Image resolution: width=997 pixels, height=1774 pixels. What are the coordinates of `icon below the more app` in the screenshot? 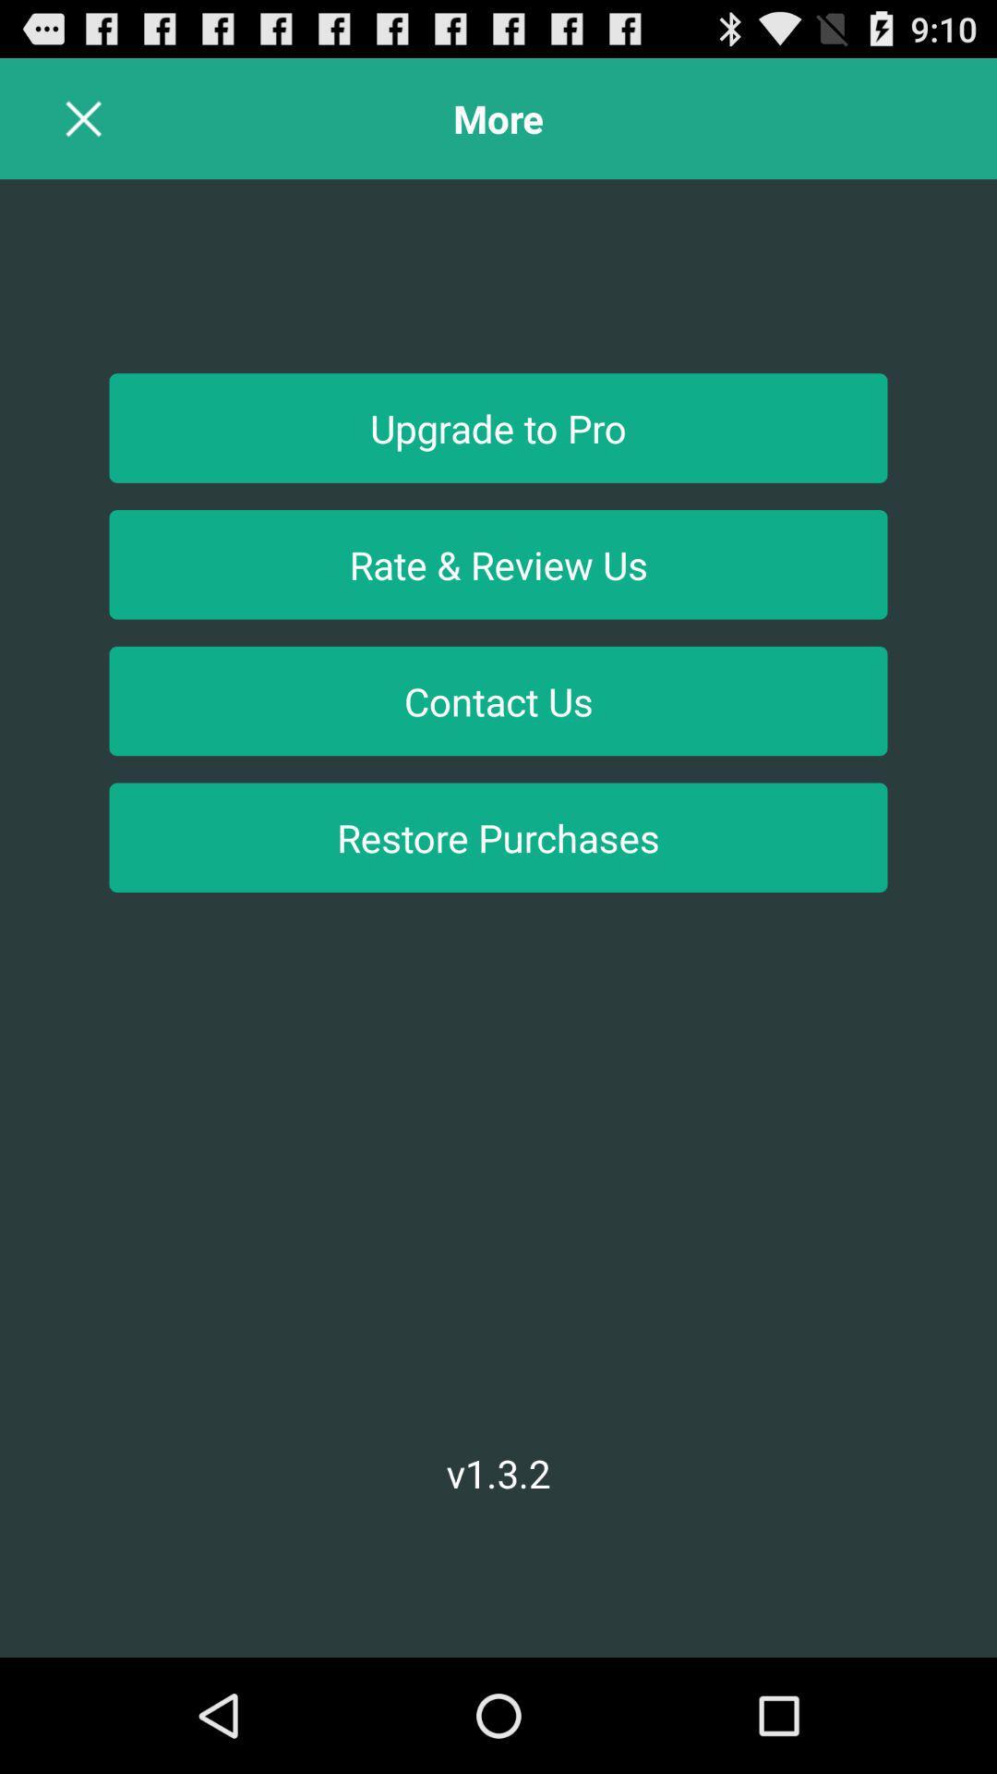 It's located at (498, 427).